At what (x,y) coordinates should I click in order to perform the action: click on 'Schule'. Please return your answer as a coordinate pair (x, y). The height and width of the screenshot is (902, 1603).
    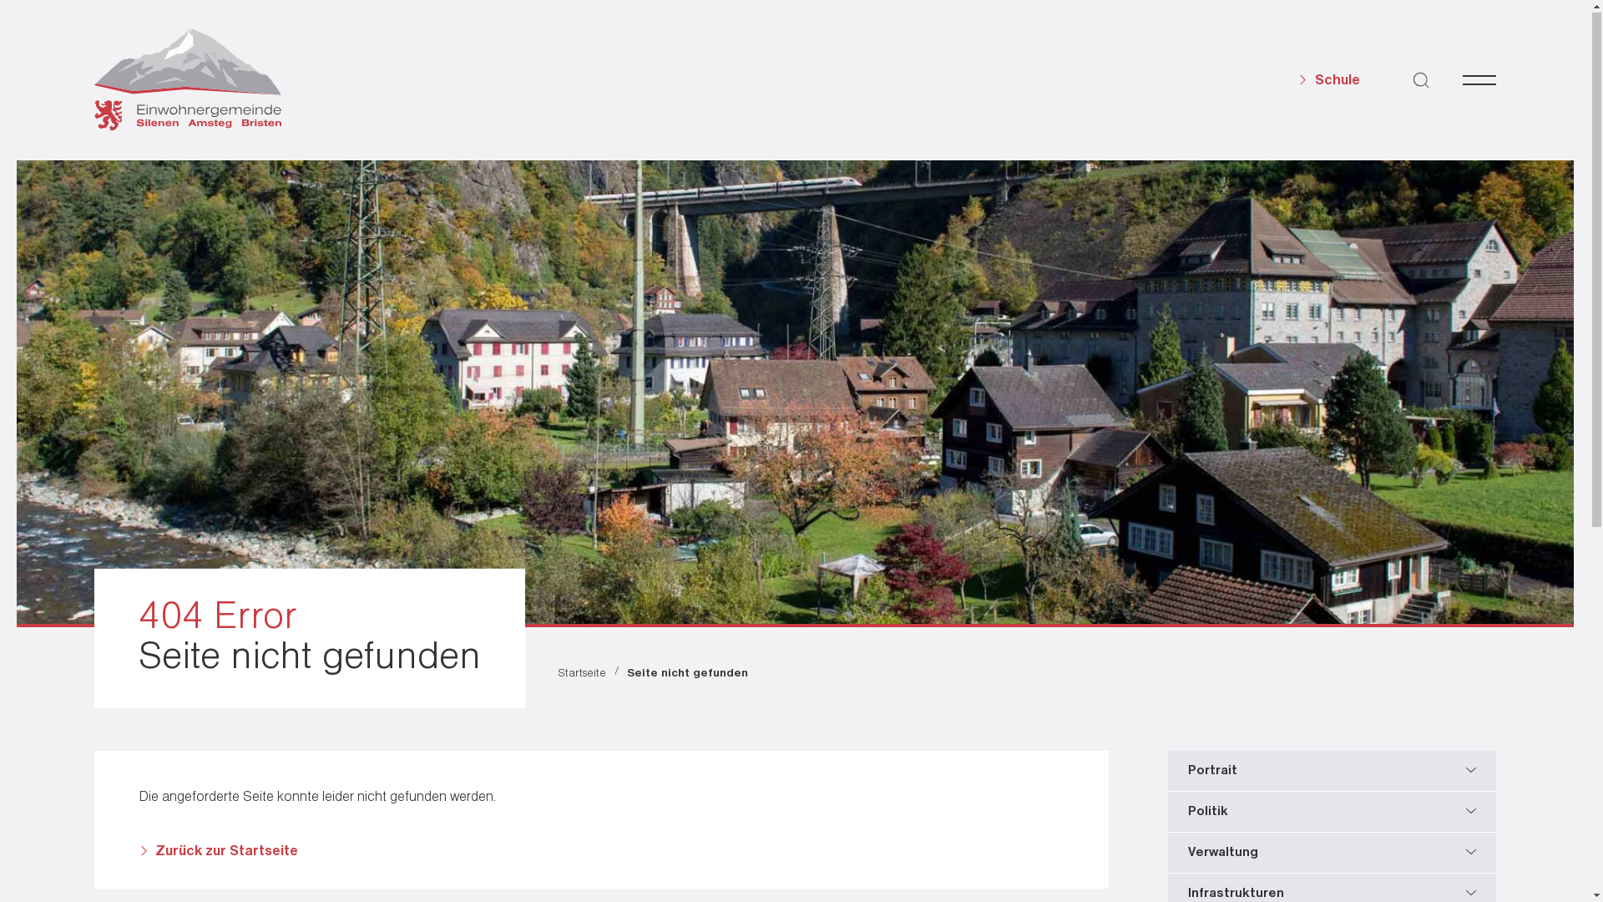
    Looking at the image, I should click on (1328, 81).